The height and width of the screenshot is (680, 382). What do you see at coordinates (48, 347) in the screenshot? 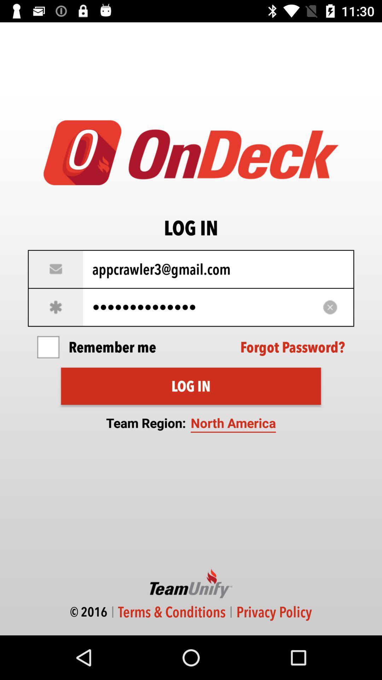
I see `remember me option` at bounding box center [48, 347].